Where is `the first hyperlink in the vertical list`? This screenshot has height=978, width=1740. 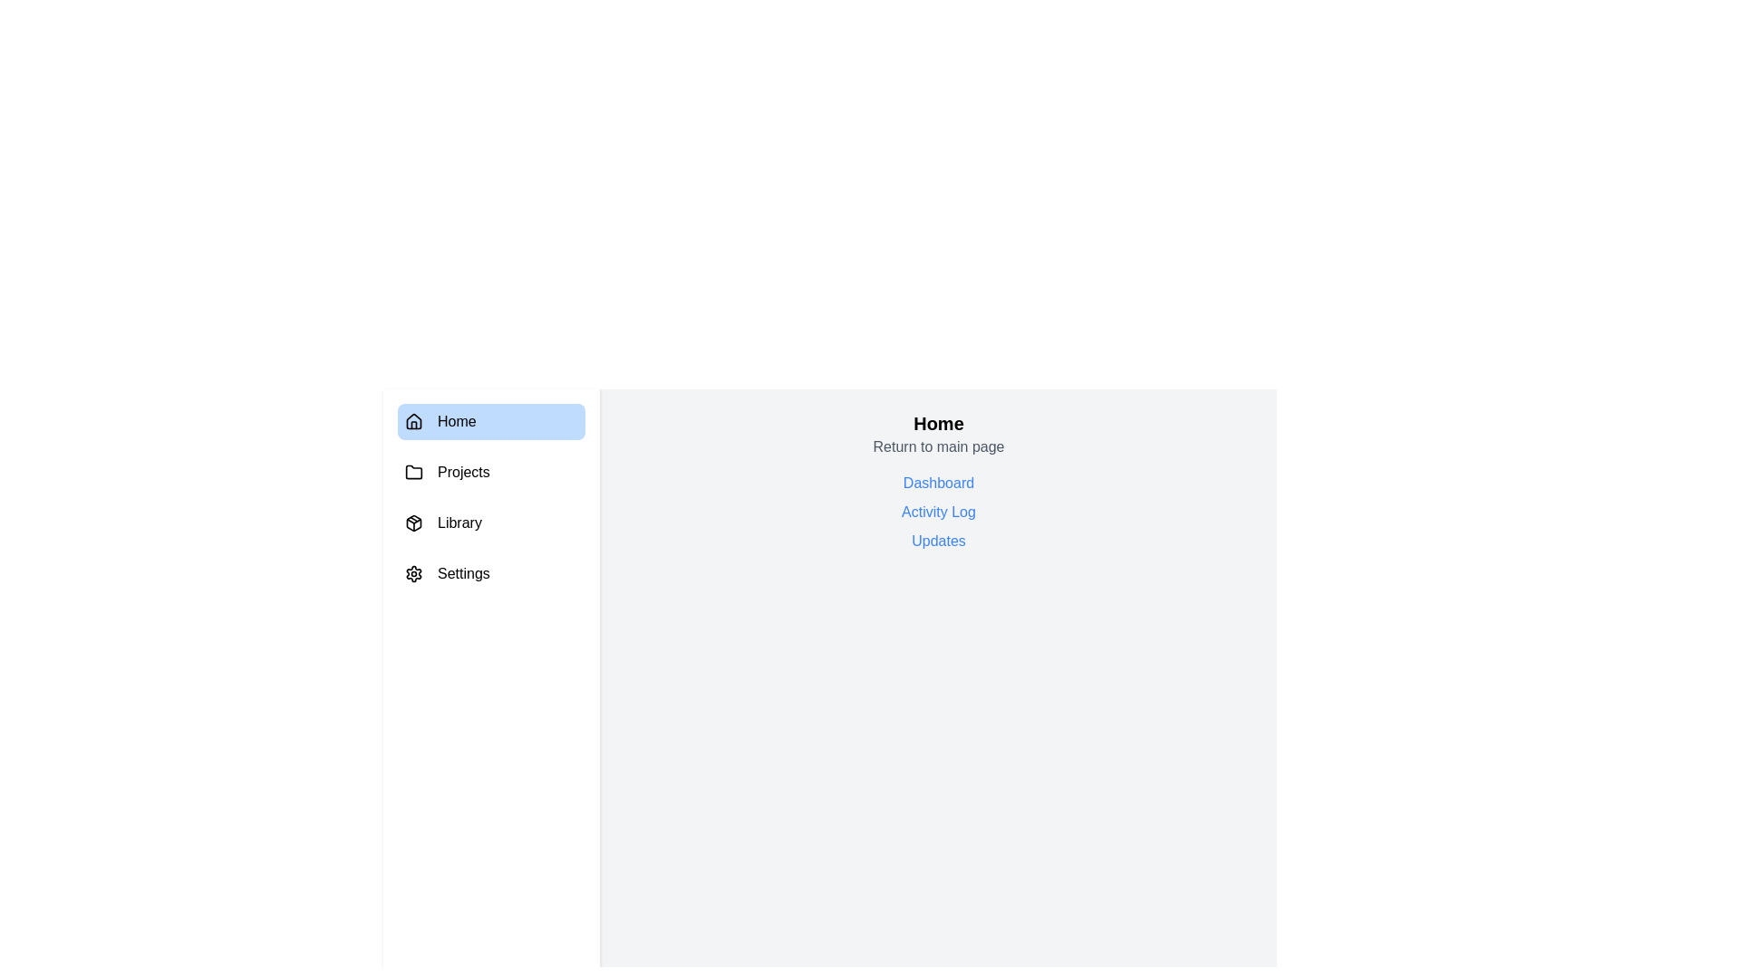 the first hyperlink in the vertical list is located at coordinates (939, 482).